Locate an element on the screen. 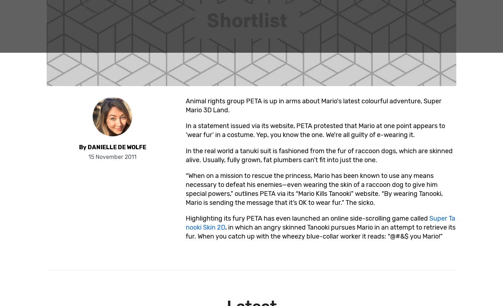 The height and width of the screenshot is (306, 503). 'In the real world a tanuki suit is fashioned from the fur of raccoon dogs, which are skinned alive. Usually, fully grown, fat plumbers can't fit into just the one.' is located at coordinates (319, 155).